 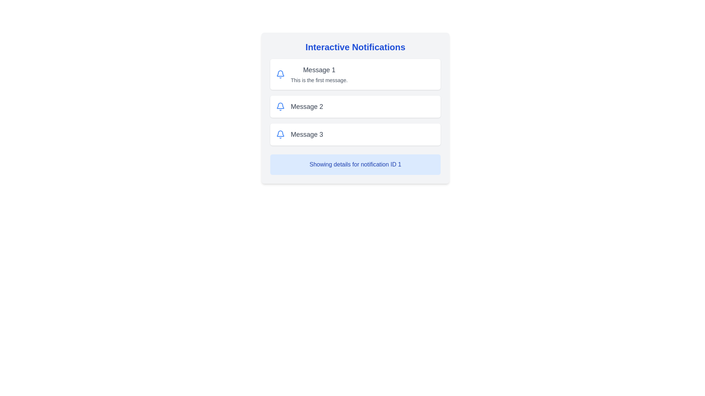 I want to click on the Informational banner with a light blue background and dark blue text reading 'Showing details for notification ID 1', so click(x=355, y=164).